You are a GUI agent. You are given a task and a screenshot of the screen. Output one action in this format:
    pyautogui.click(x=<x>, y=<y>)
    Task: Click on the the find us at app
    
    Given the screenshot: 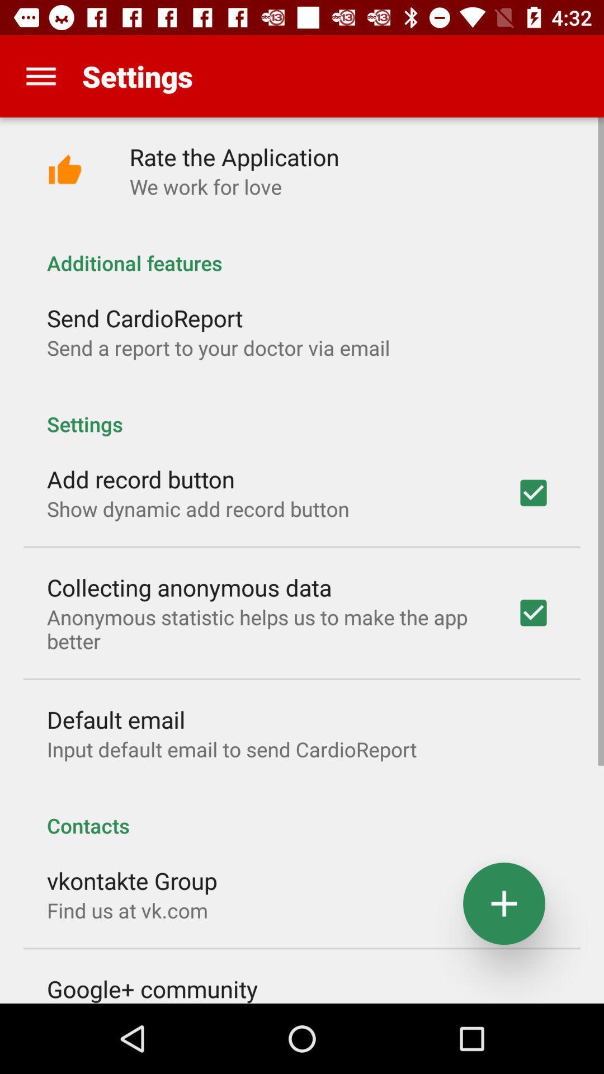 What is the action you would take?
    pyautogui.click(x=126, y=910)
    